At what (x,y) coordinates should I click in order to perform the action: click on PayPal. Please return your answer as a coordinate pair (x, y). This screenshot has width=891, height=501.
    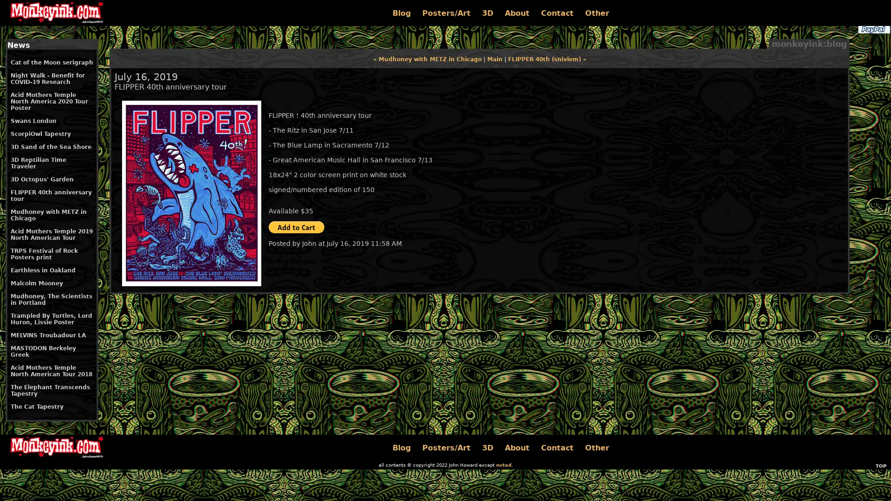
    Looking at the image, I should click on (873, 29).